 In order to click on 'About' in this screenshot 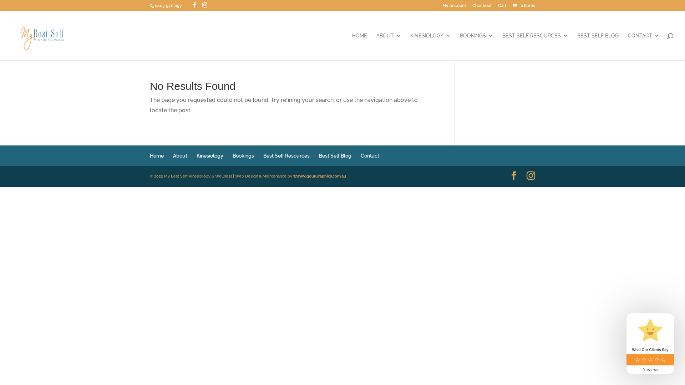, I will do `click(173, 155)`.